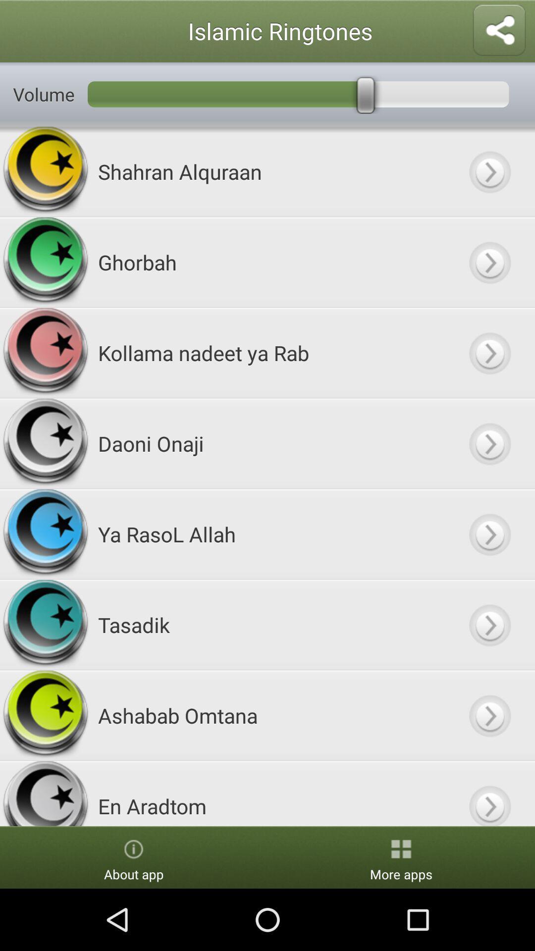  Describe the element at coordinates (489, 171) in the screenshot. I see `sound` at that location.